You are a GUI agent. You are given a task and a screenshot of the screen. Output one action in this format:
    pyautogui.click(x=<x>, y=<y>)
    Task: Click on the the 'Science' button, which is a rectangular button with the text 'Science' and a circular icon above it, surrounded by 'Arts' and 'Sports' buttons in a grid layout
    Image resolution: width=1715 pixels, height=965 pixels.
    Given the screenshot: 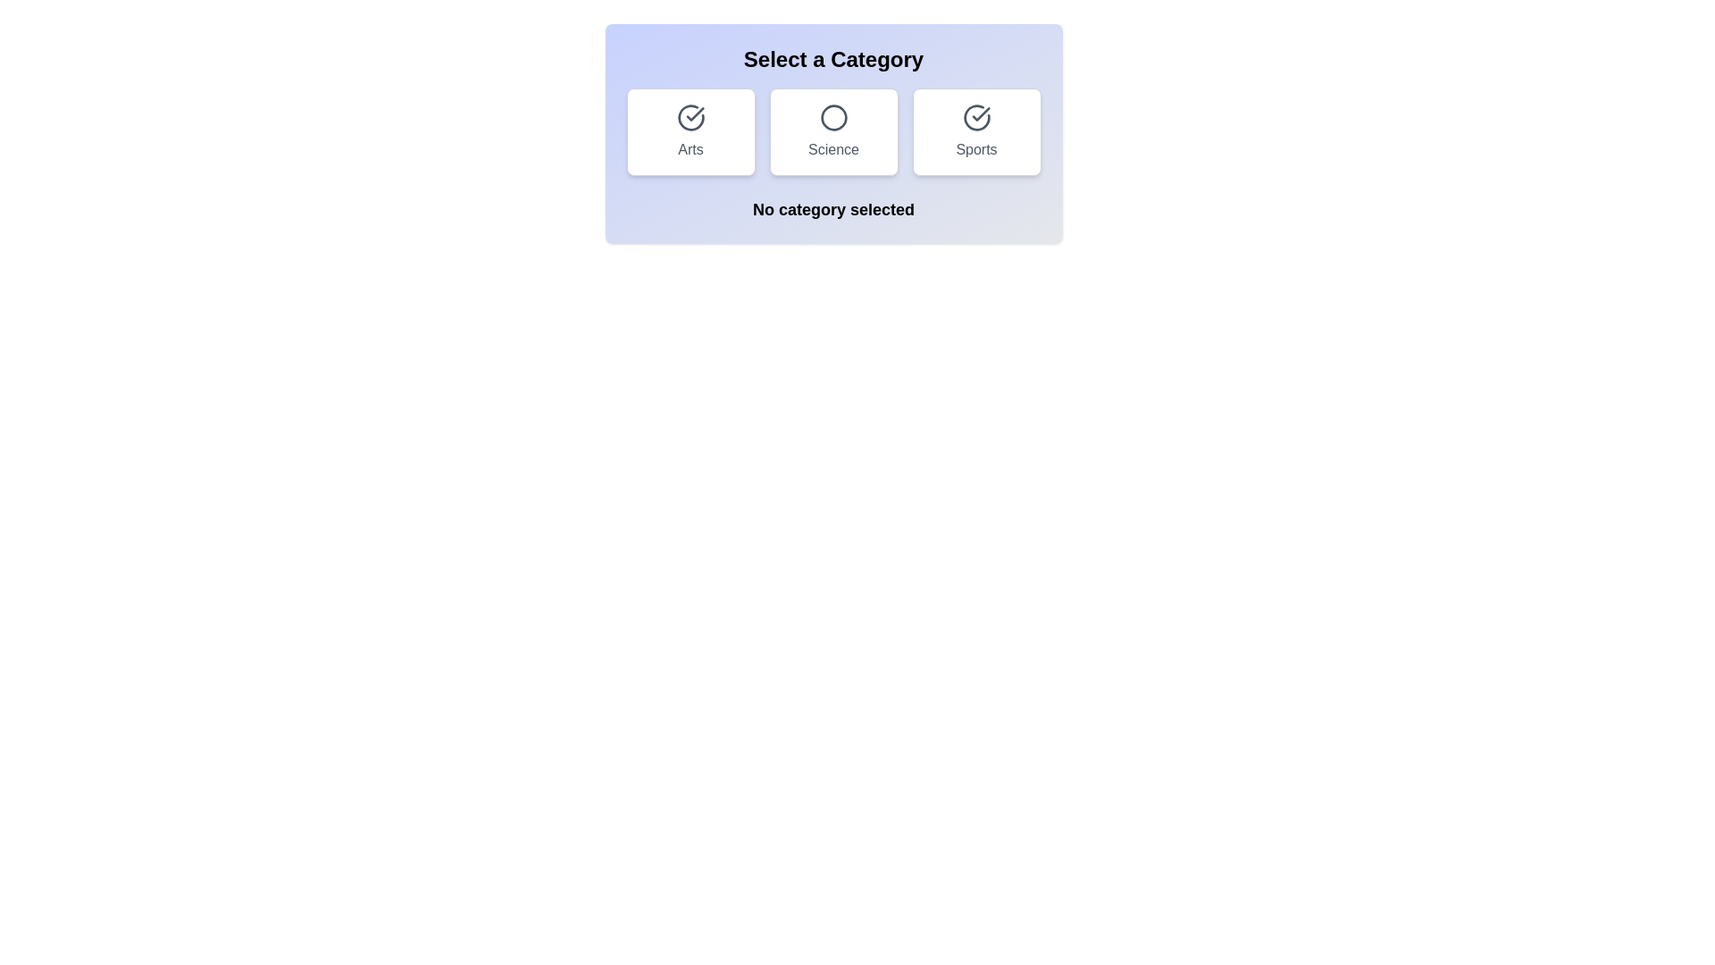 What is the action you would take?
    pyautogui.click(x=832, y=130)
    